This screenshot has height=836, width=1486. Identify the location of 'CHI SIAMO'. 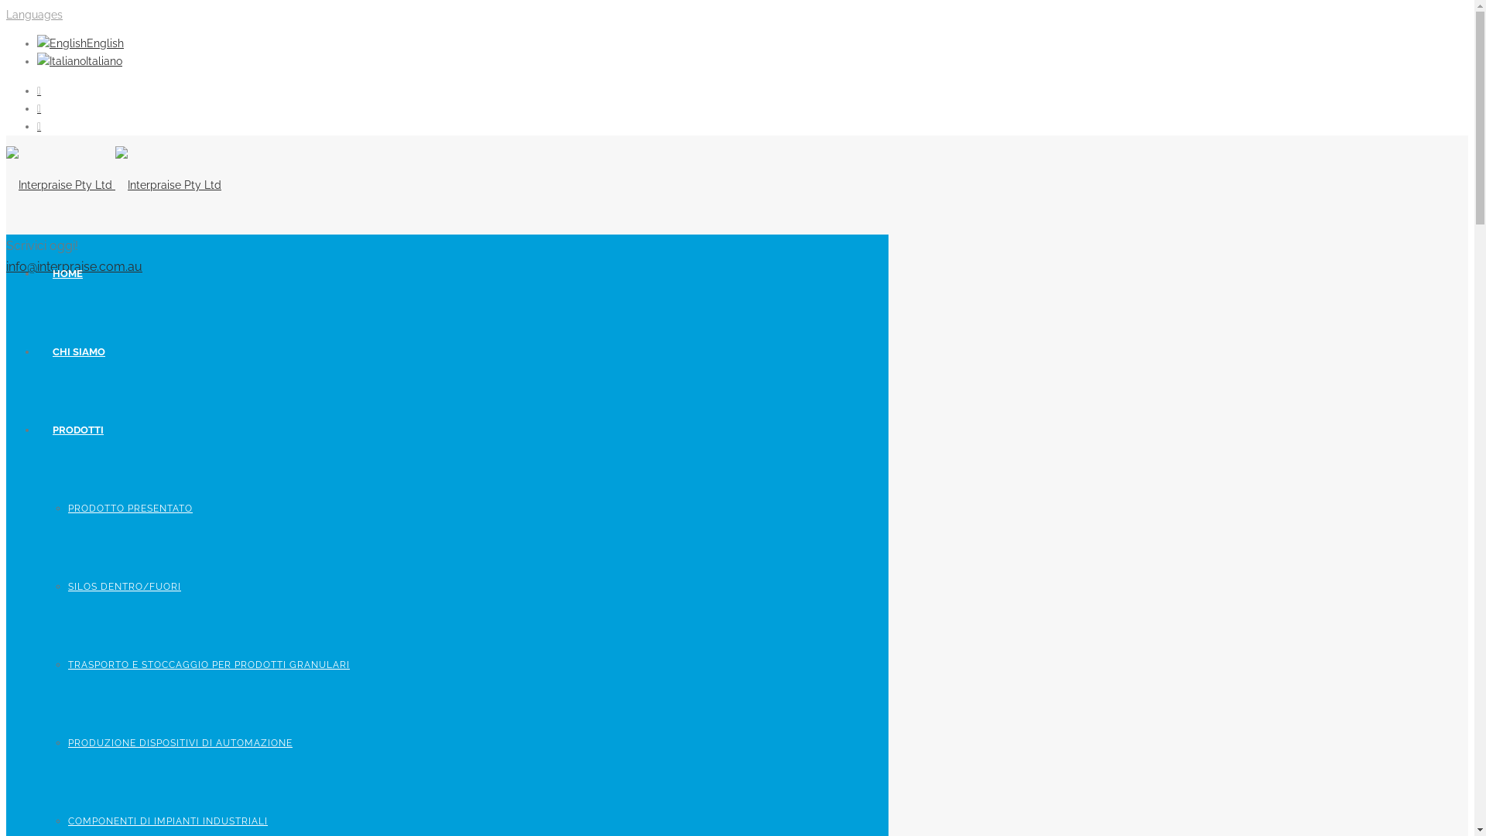
(77, 351).